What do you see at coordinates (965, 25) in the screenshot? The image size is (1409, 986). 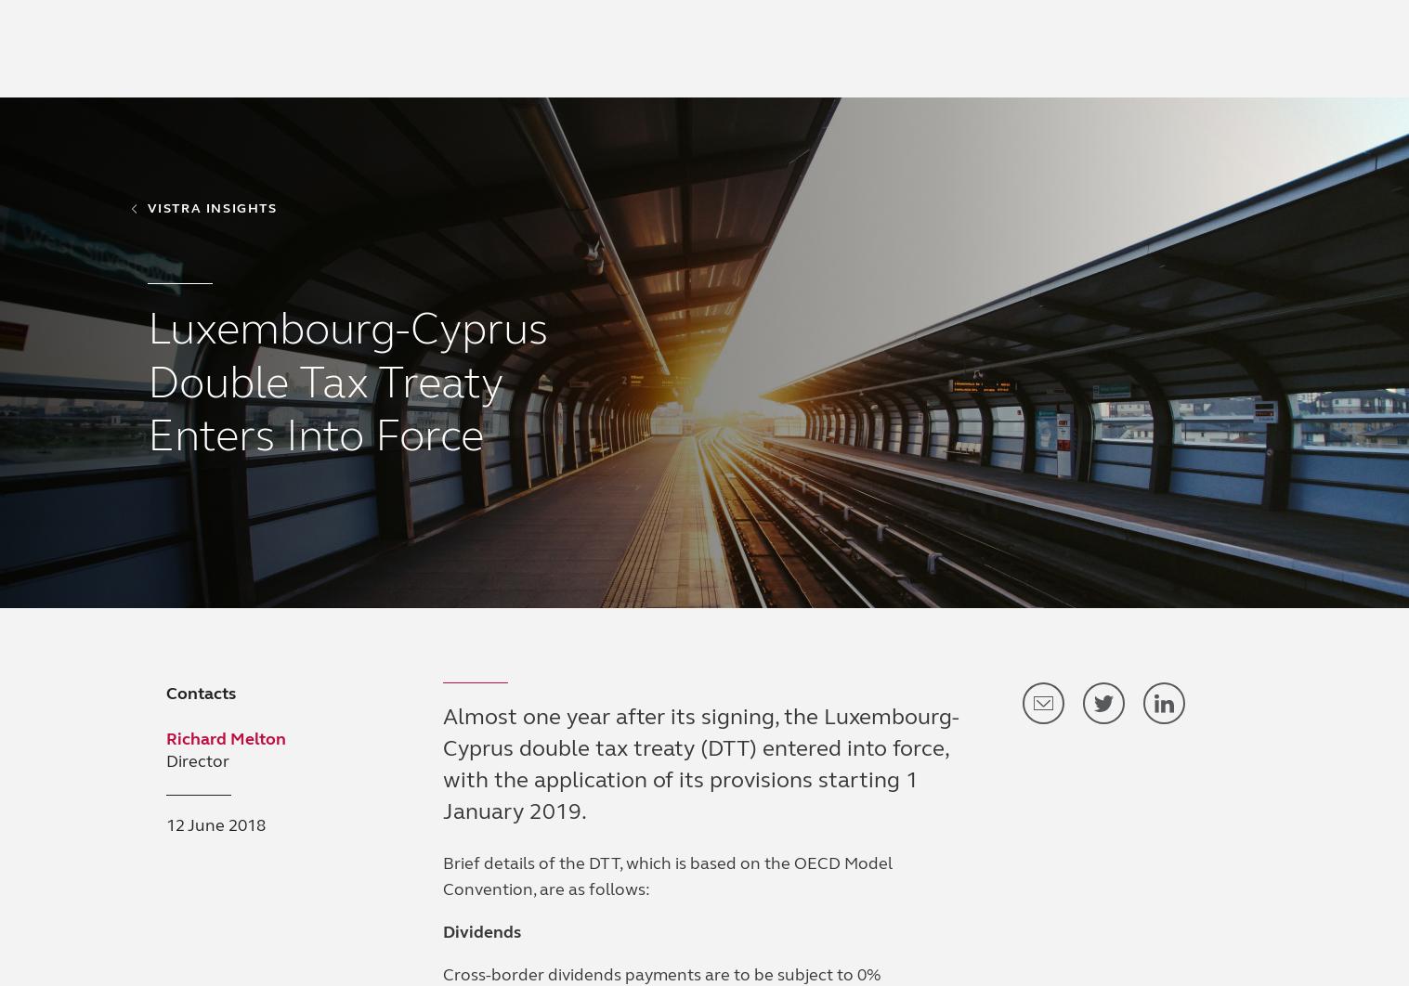 I see `'Client portal'` at bounding box center [965, 25].